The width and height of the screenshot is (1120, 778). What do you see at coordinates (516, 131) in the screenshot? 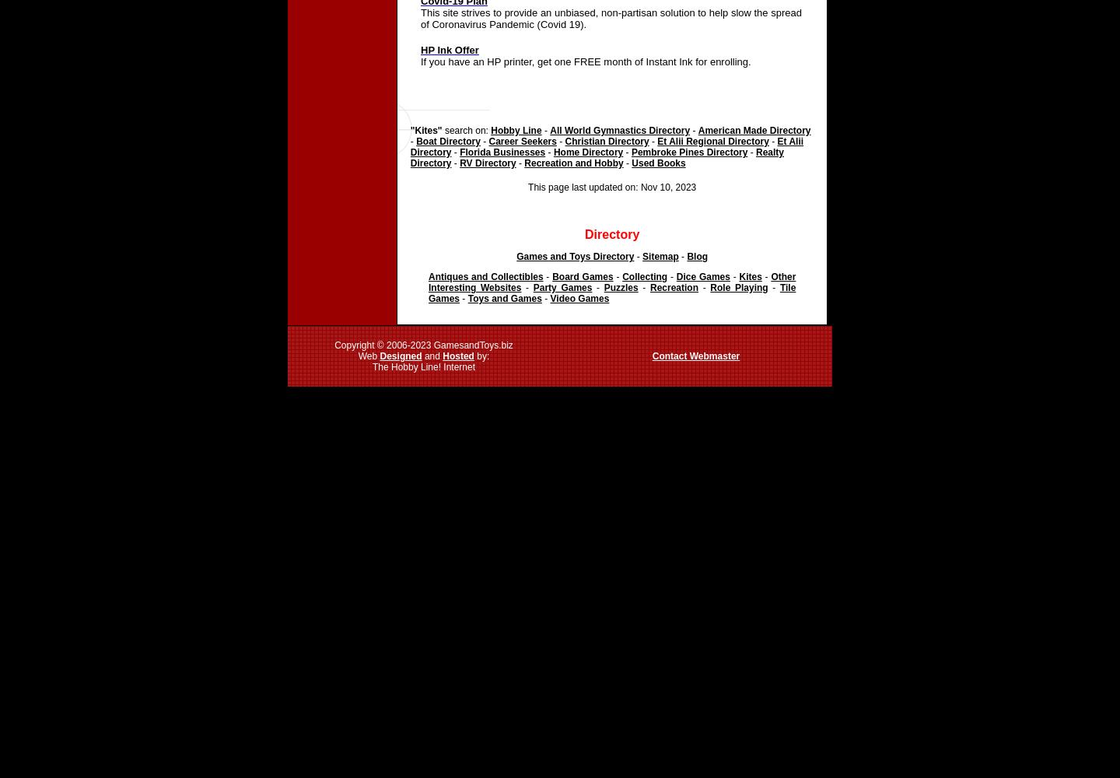
I see `'Hobby Line'` at bounding box center [516, 131].